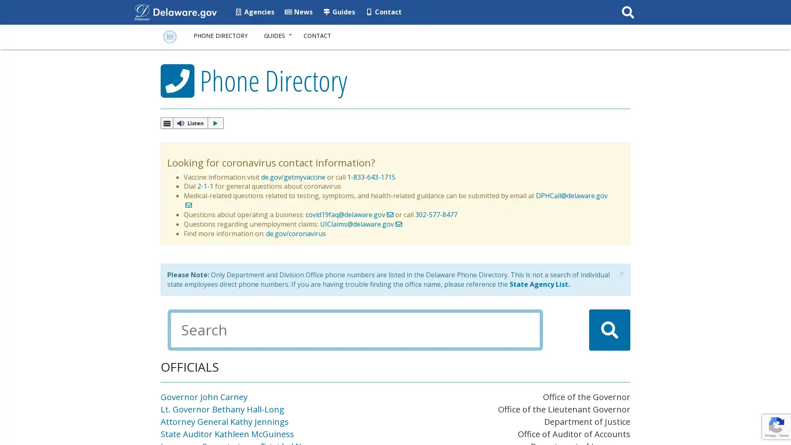 The height and width of the screenshot is (445, 791). I want to click on webReader Menu, so click(167, 123).